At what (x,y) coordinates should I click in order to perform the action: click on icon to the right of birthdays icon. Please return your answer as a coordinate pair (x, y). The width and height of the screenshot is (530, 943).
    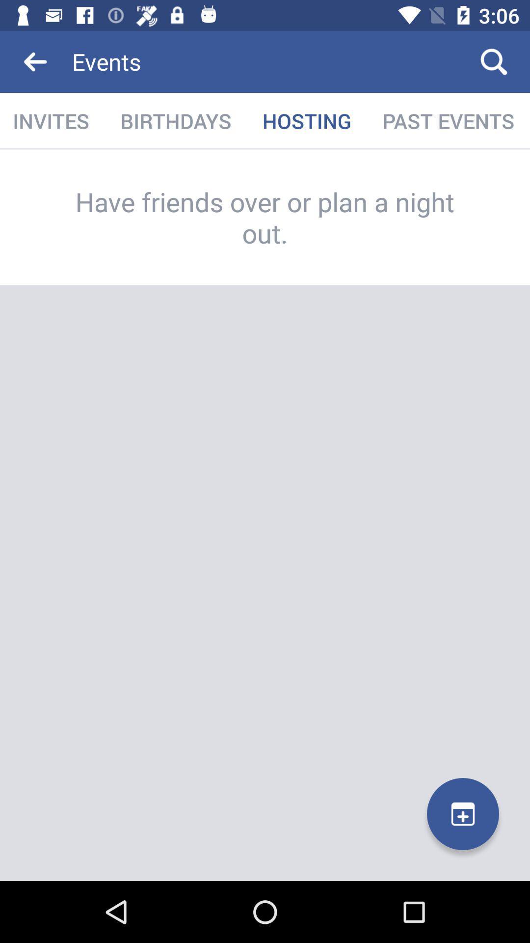
    Looking at the image, I should click on (306, 120).